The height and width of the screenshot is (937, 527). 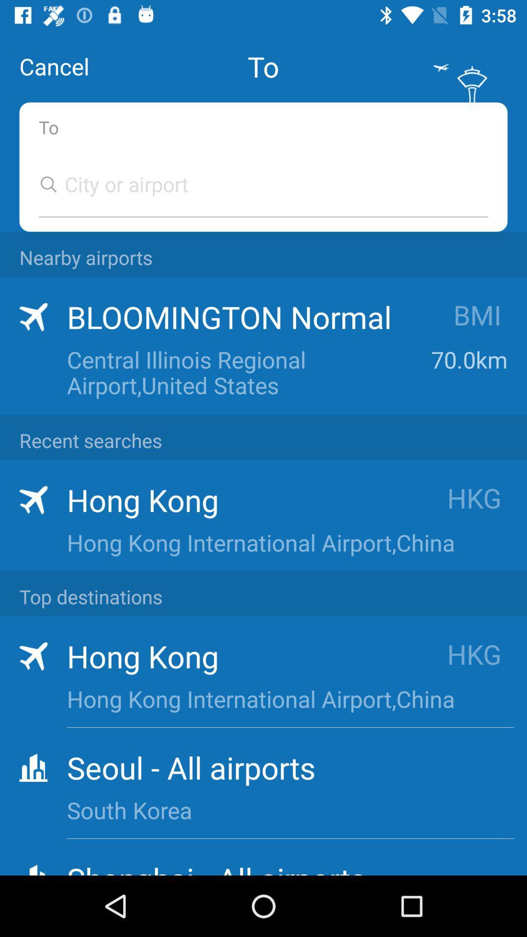 I want to click on destination, so click(x=253, y=184).